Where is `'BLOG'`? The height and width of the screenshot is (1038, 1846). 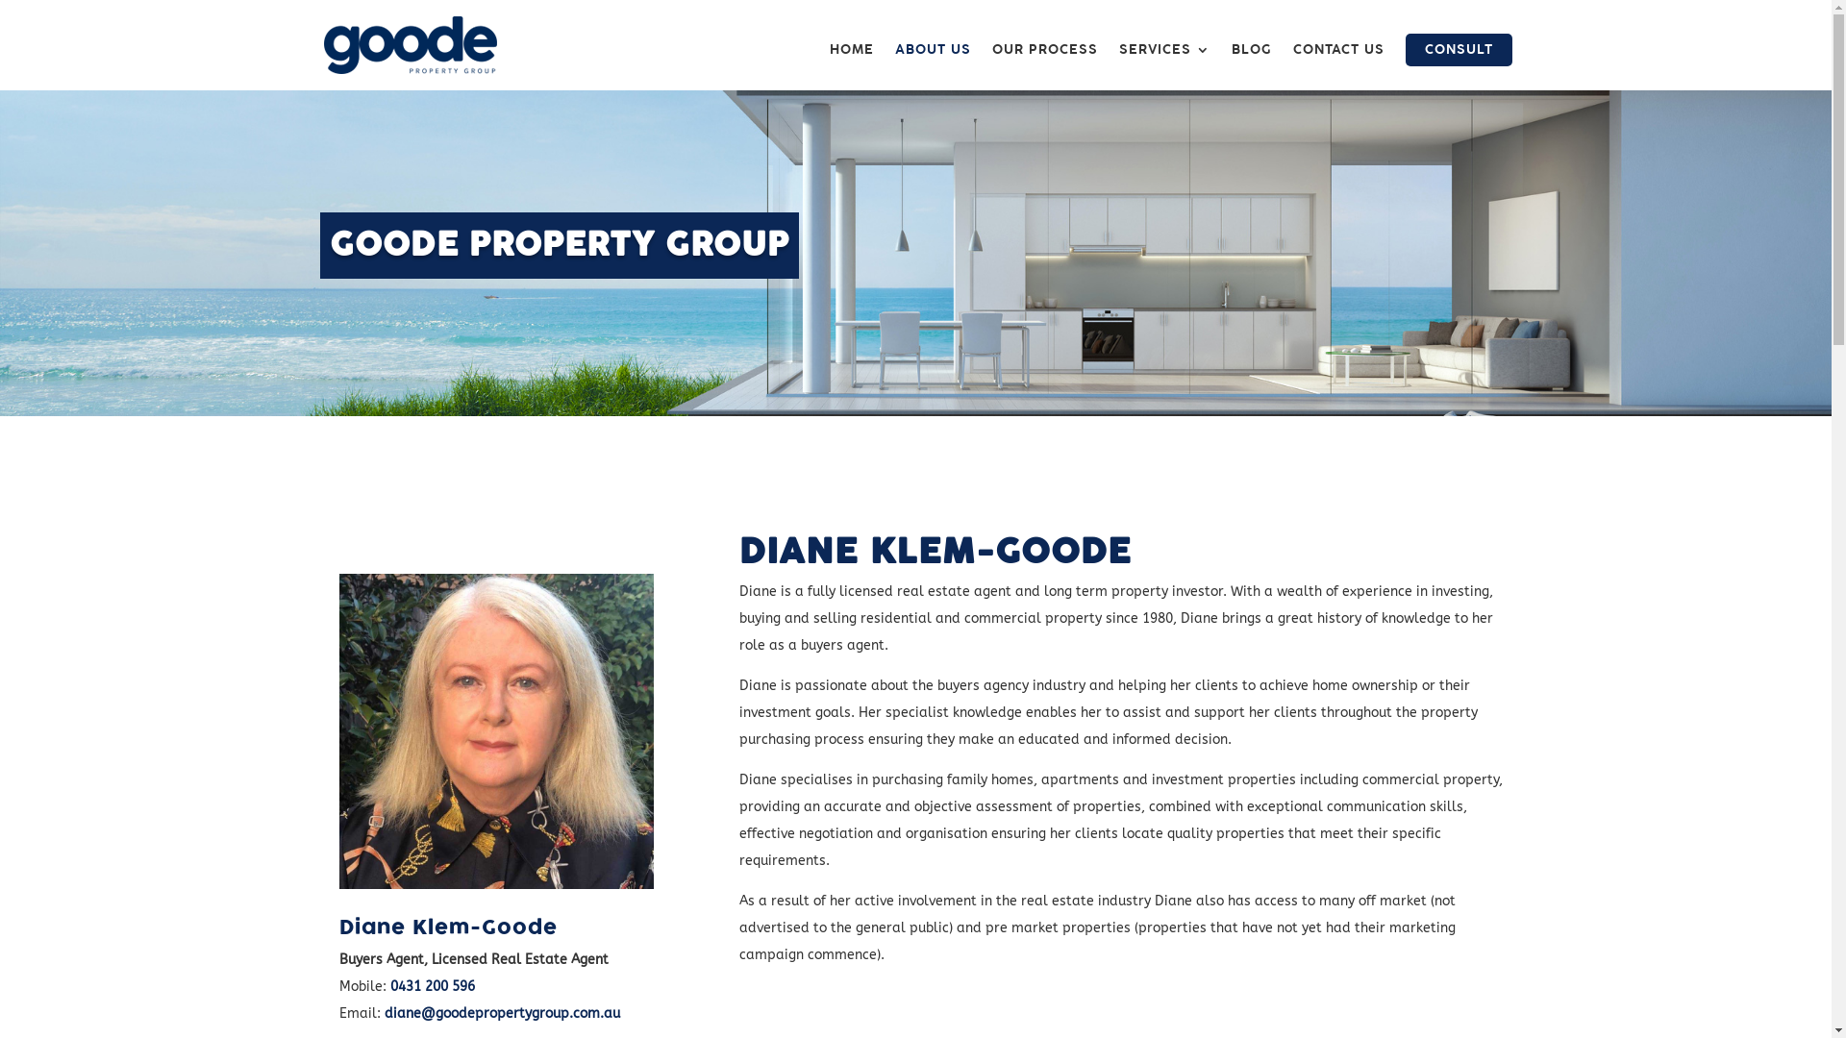 'BLOG' is located at coordinates (1250, 65).